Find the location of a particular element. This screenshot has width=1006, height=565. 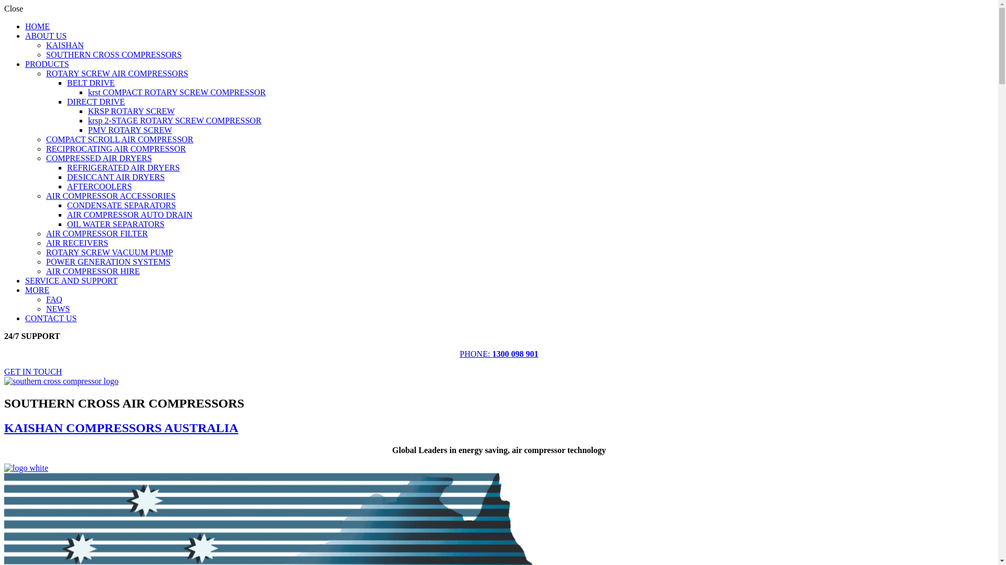

'POWER GENERATION SYSTEMS' is located at coordinates (45, 261).